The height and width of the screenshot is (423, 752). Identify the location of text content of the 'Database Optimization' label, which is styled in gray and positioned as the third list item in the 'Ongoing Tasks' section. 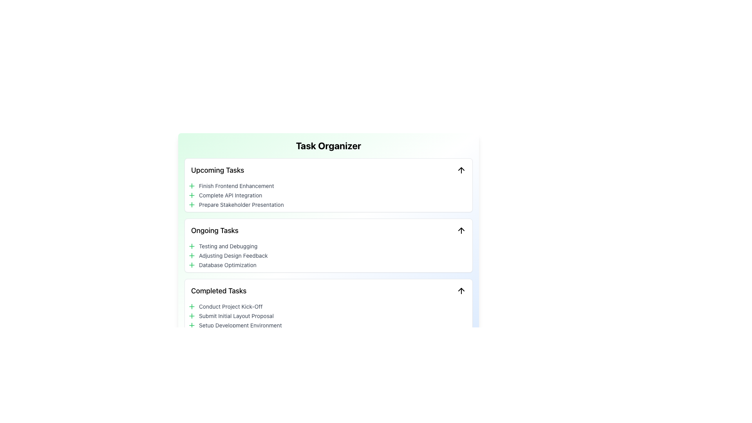
(227, 265).